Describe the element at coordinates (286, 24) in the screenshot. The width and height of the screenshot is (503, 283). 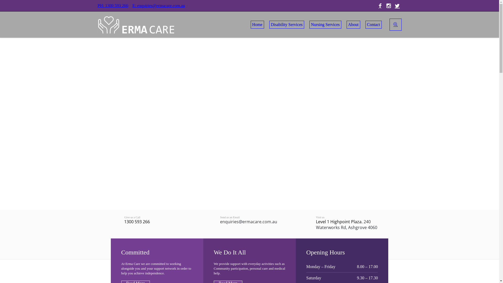
I see `'Disability Services'` at that location.